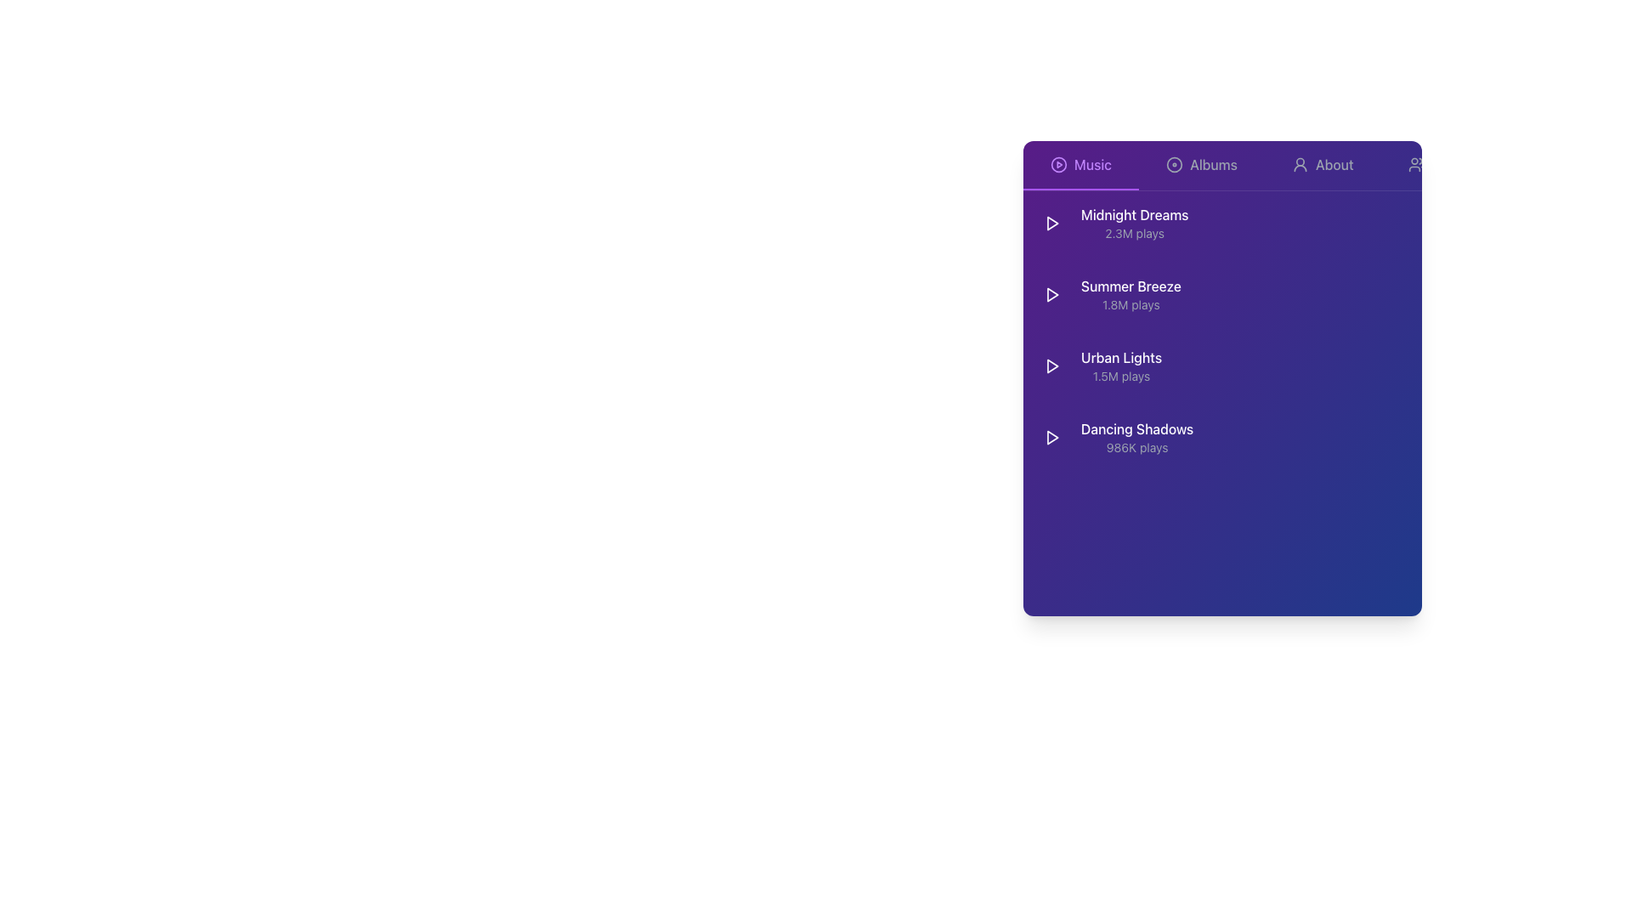  What do you see at coordinates (1093, 164) in the screenshot?
I see `the current section` at bounding box center [1093, 164].